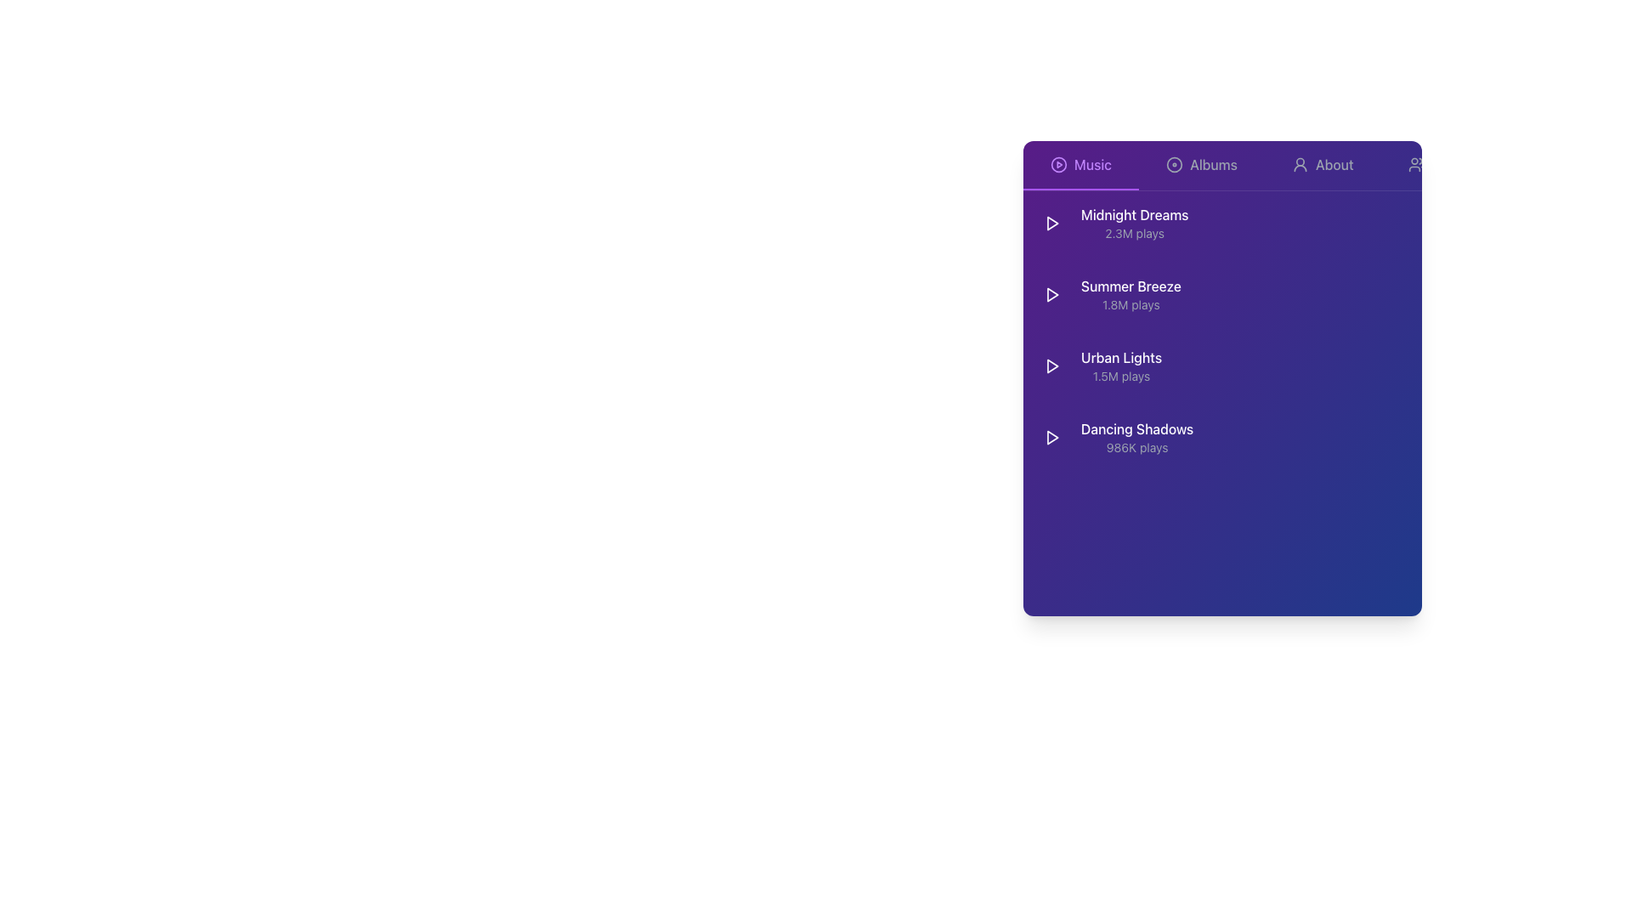  What do you see at coordinates (1093, 164) in the screenshot?
I see `the current section` at bounding box center [1093, 164].